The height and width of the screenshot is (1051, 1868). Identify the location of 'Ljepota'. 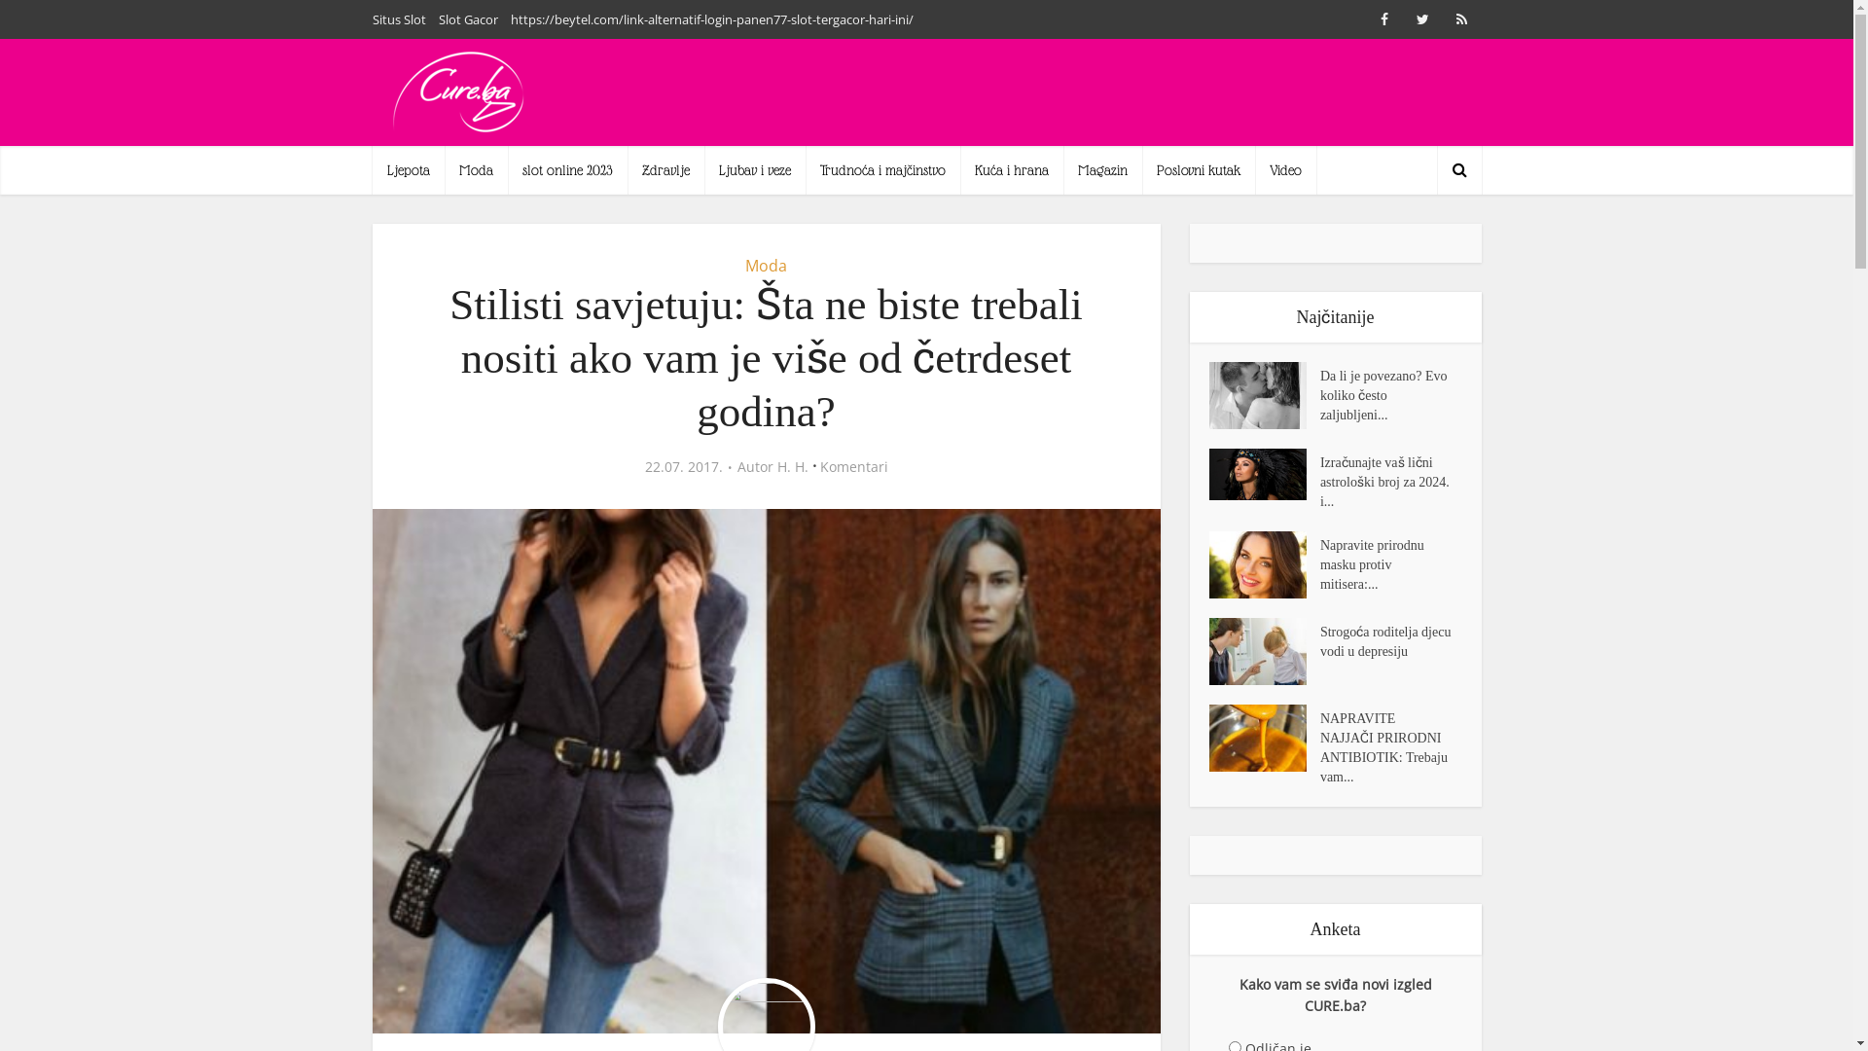
(372, 168).